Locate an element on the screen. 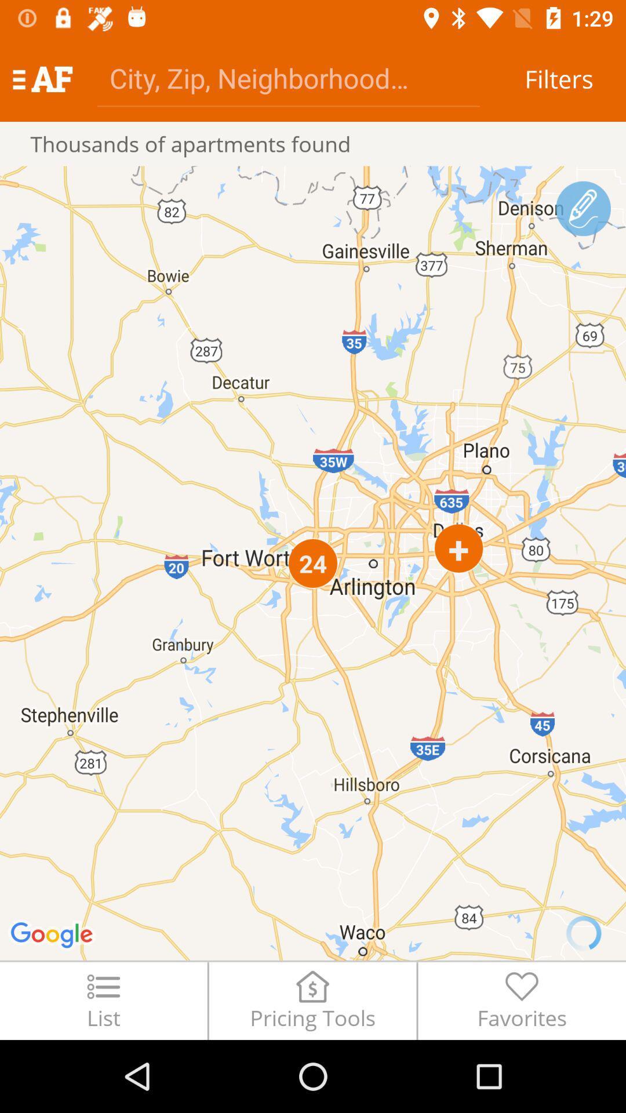 This screenshot has width=626, height=1113. the filters item is located at coordinates (558, 78).